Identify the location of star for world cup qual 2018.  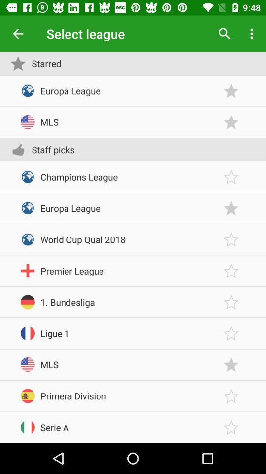
(231, 239).